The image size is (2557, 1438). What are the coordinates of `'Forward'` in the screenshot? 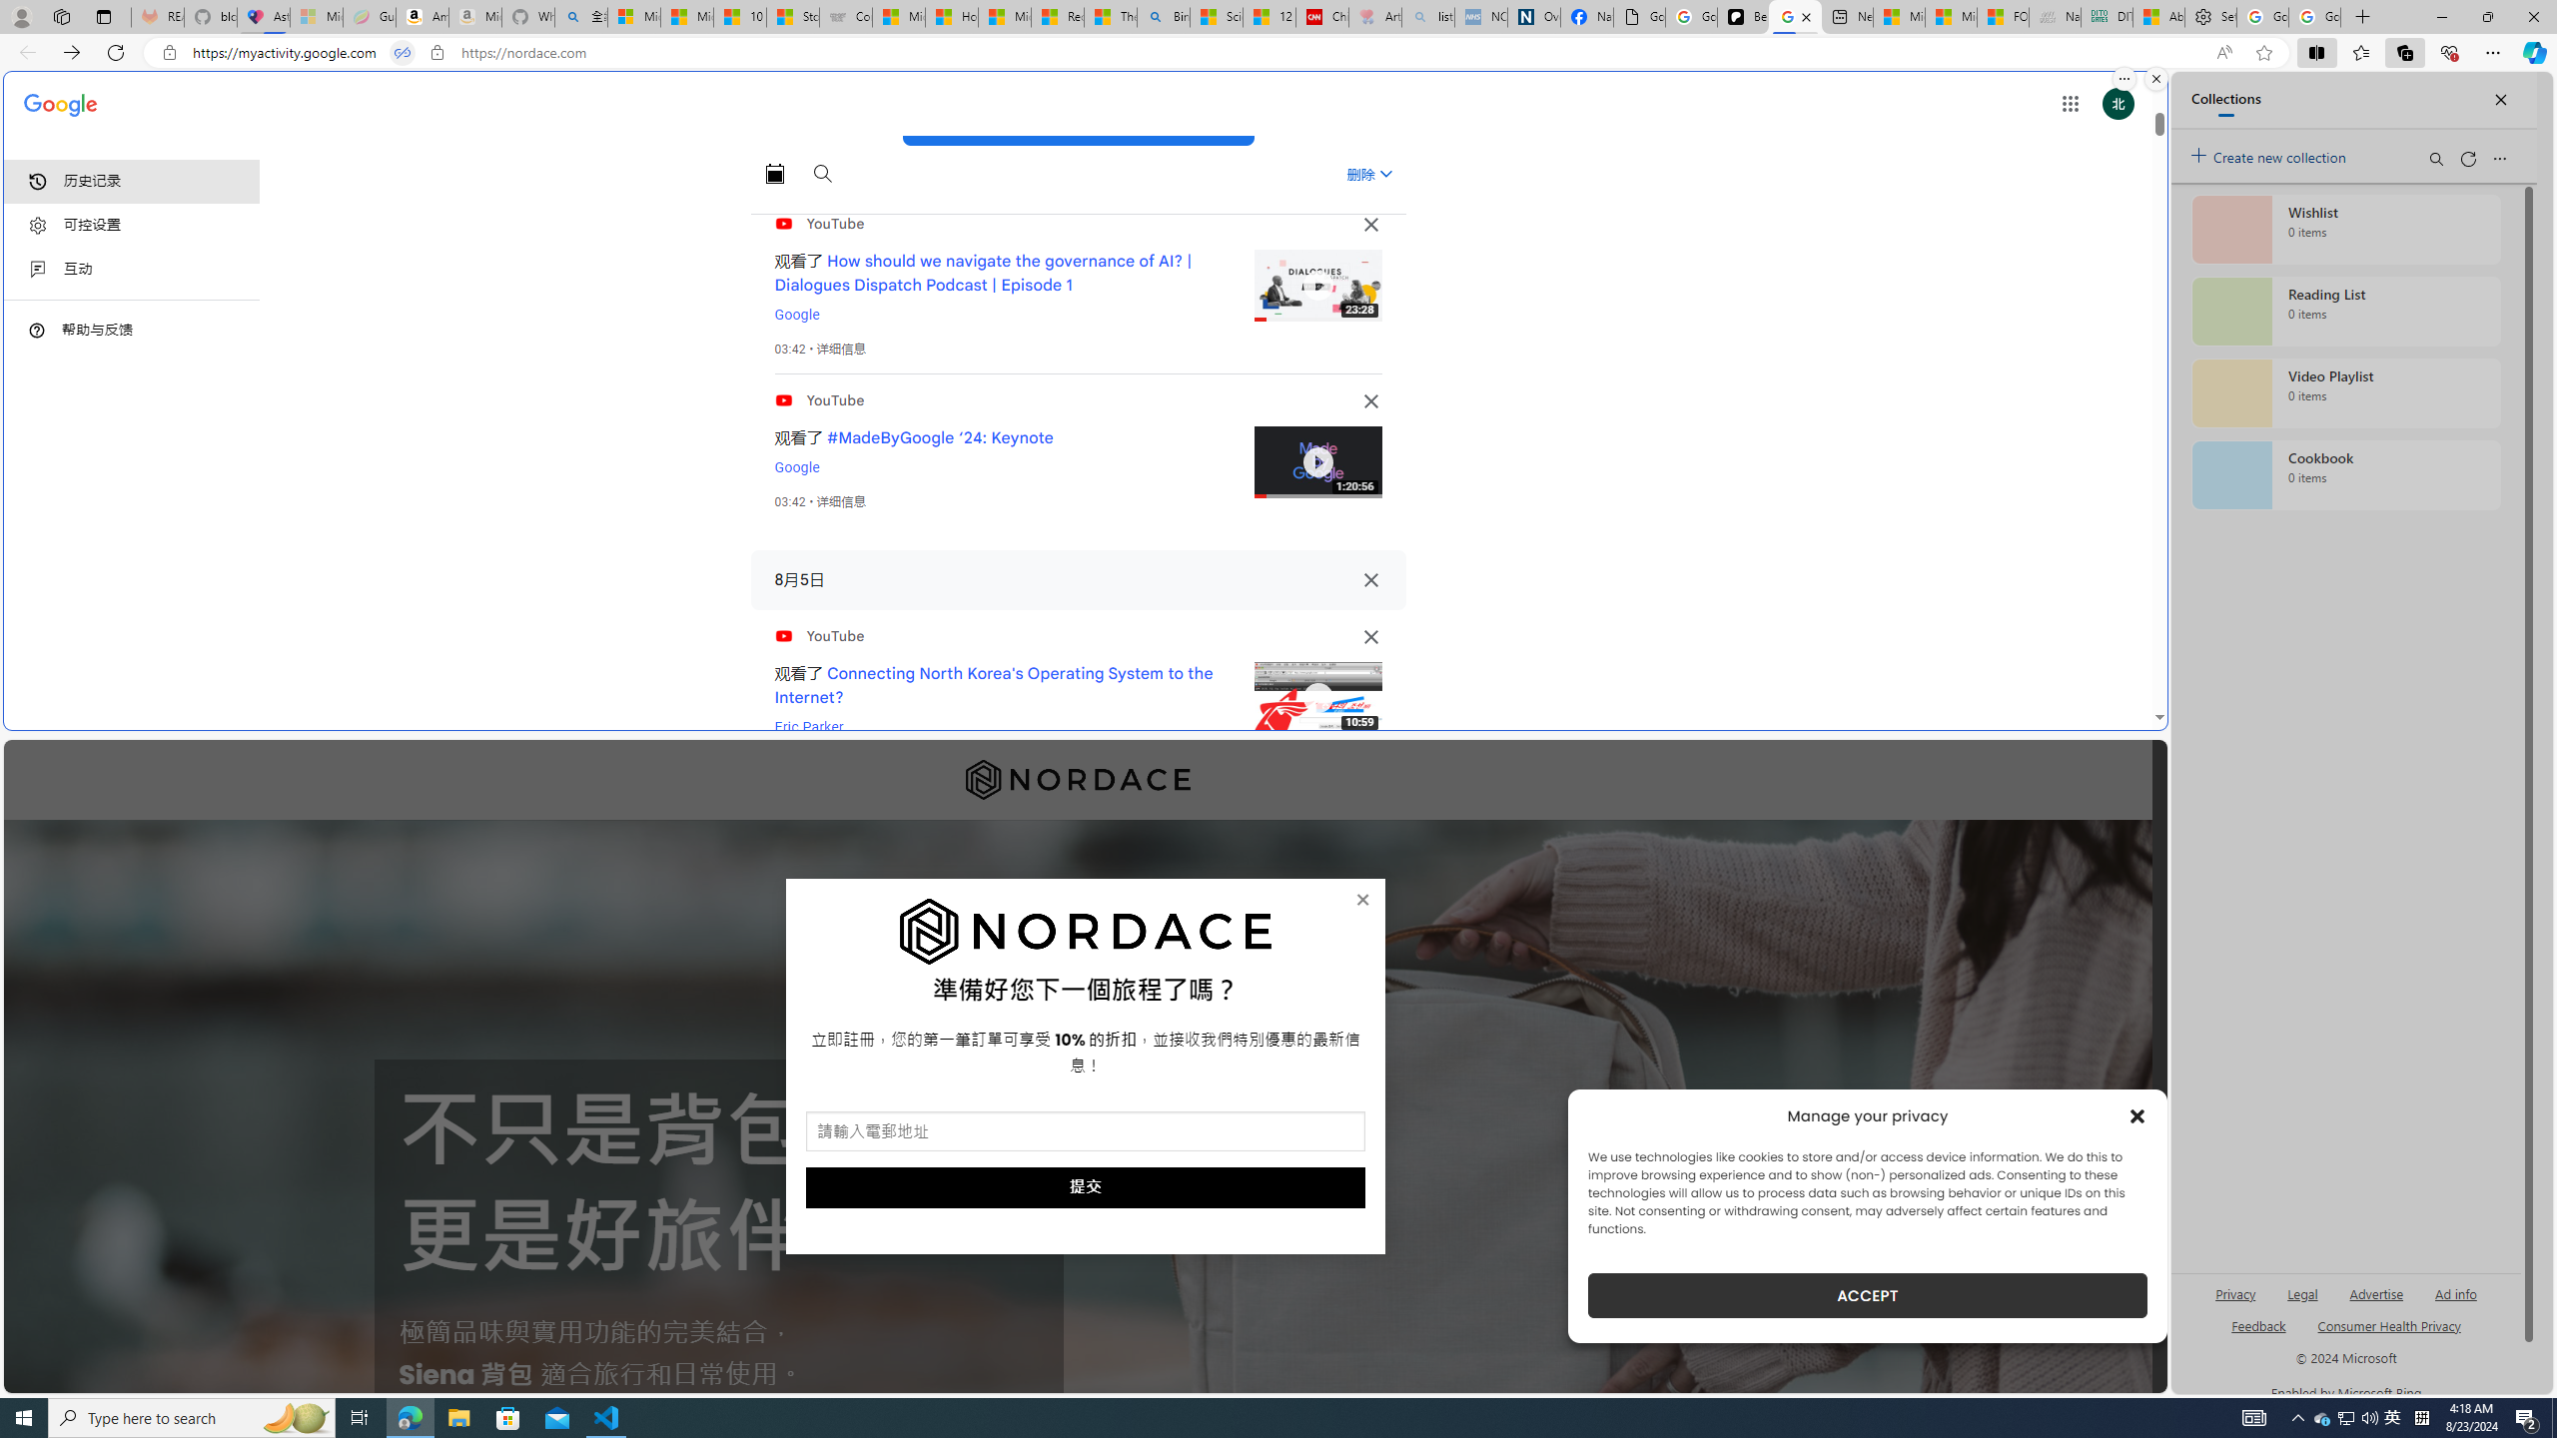 It's located at (70, 51).